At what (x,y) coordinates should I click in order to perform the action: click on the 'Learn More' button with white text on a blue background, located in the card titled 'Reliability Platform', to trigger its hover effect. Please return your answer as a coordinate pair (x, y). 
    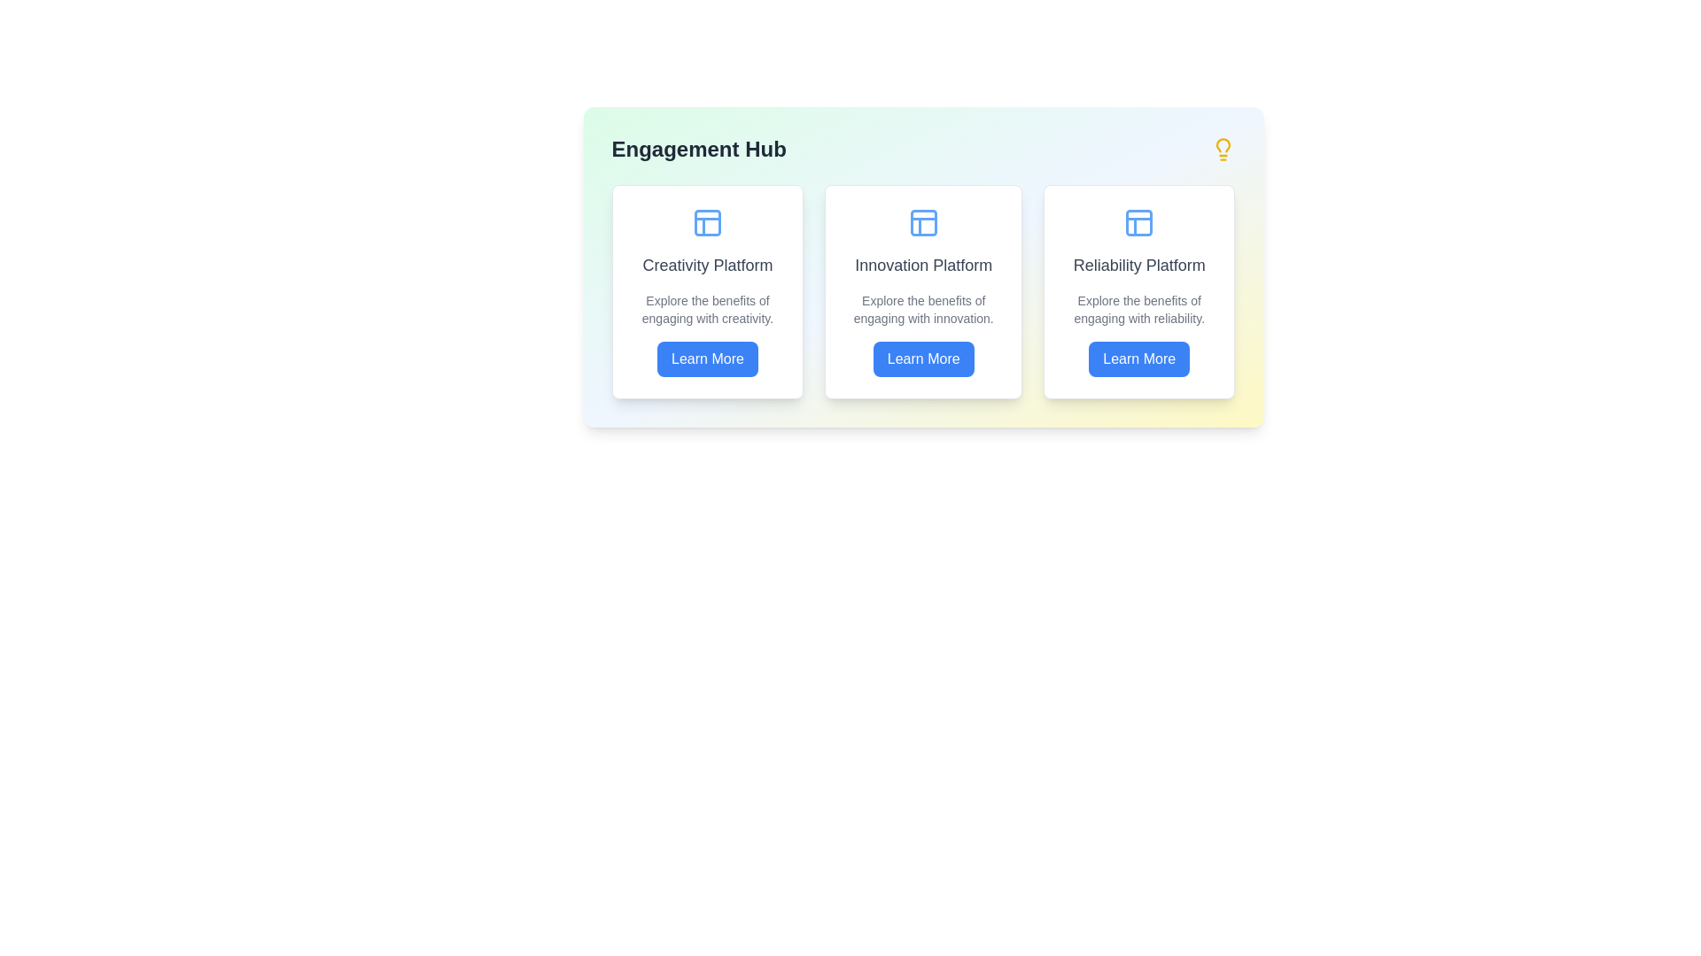
    Looking at the image, I should click on (1139, 358).